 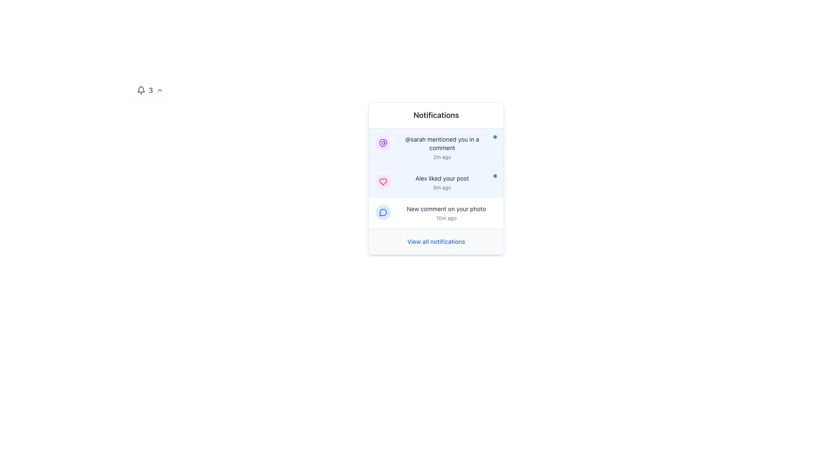 What do you see at coordinates (382, 142) in the screenshot?
I see `the details of the circular icon with a purple background and '@' symbol, located in the notification for '@sarah mentioned you in a comment 2m ago'` at bounding box center [382, 142].